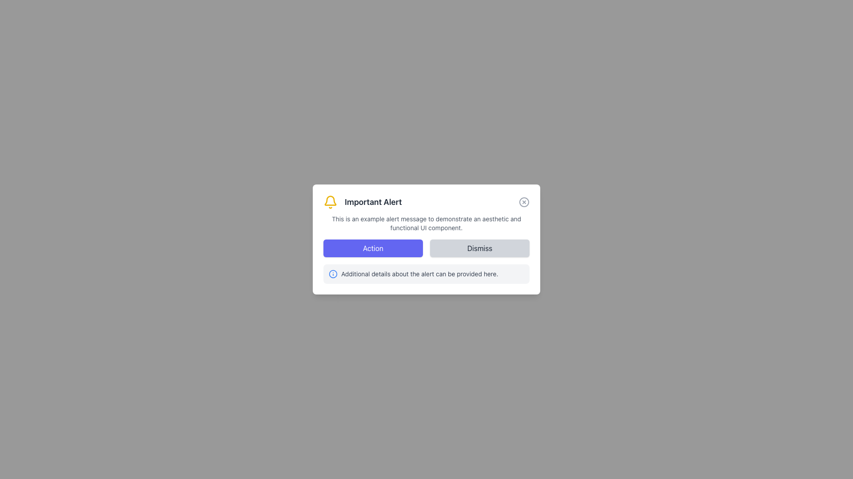  Describe the element at coordinates (373, 248) in the screenshot. I see `the blue rectangular button labeled 'Action'` at that location.